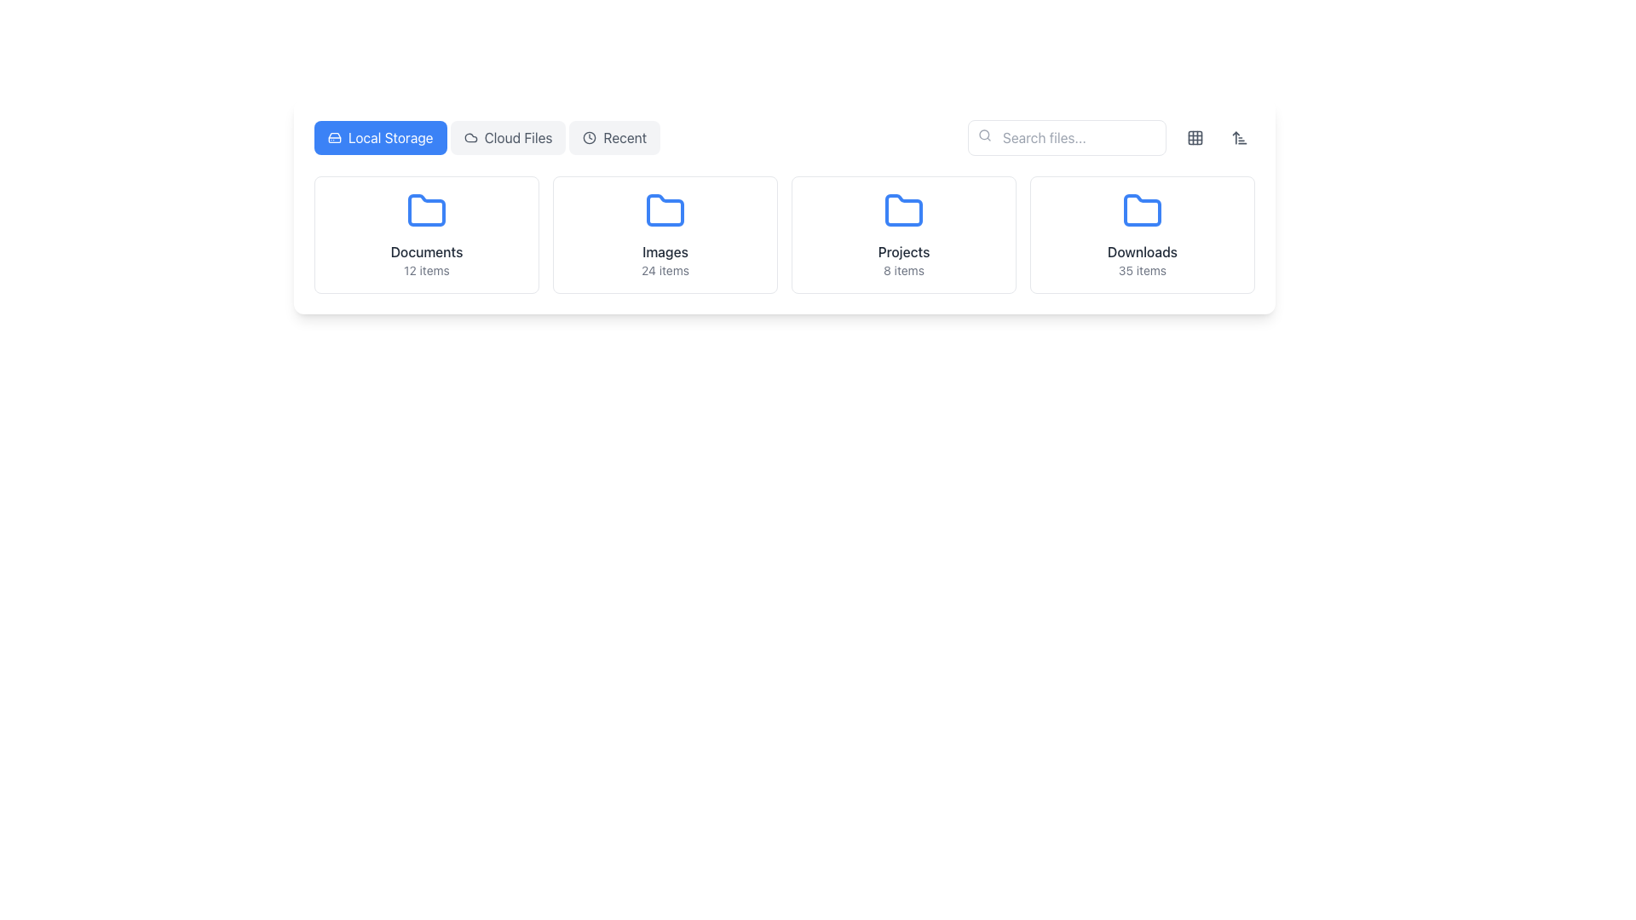 This screenshot has width=1636, height=920. Describe the element at coordinates (1239, 137) in the screenshot. I see `the sorting button located in the top-right corner of the interface, adjacent to the layout toggle button` at that location.